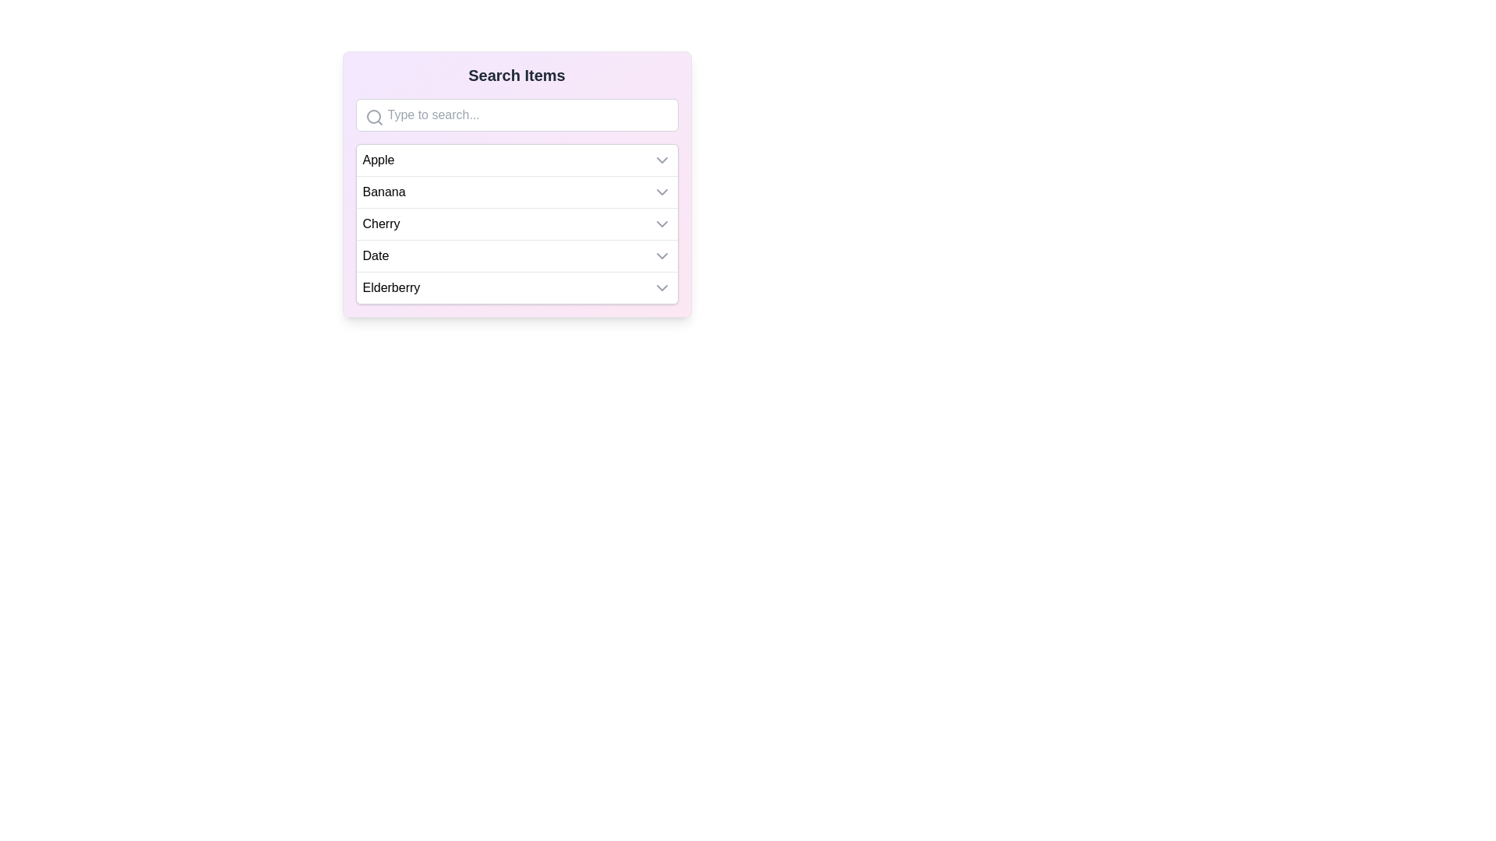 The width and height of the screenshot is (1496, 841). What do you see at coordinates (662, 288) in the screenshot?
I see `the chevron-down icon next to the 'Elderberry' list item` at bounding box center [662, 288].